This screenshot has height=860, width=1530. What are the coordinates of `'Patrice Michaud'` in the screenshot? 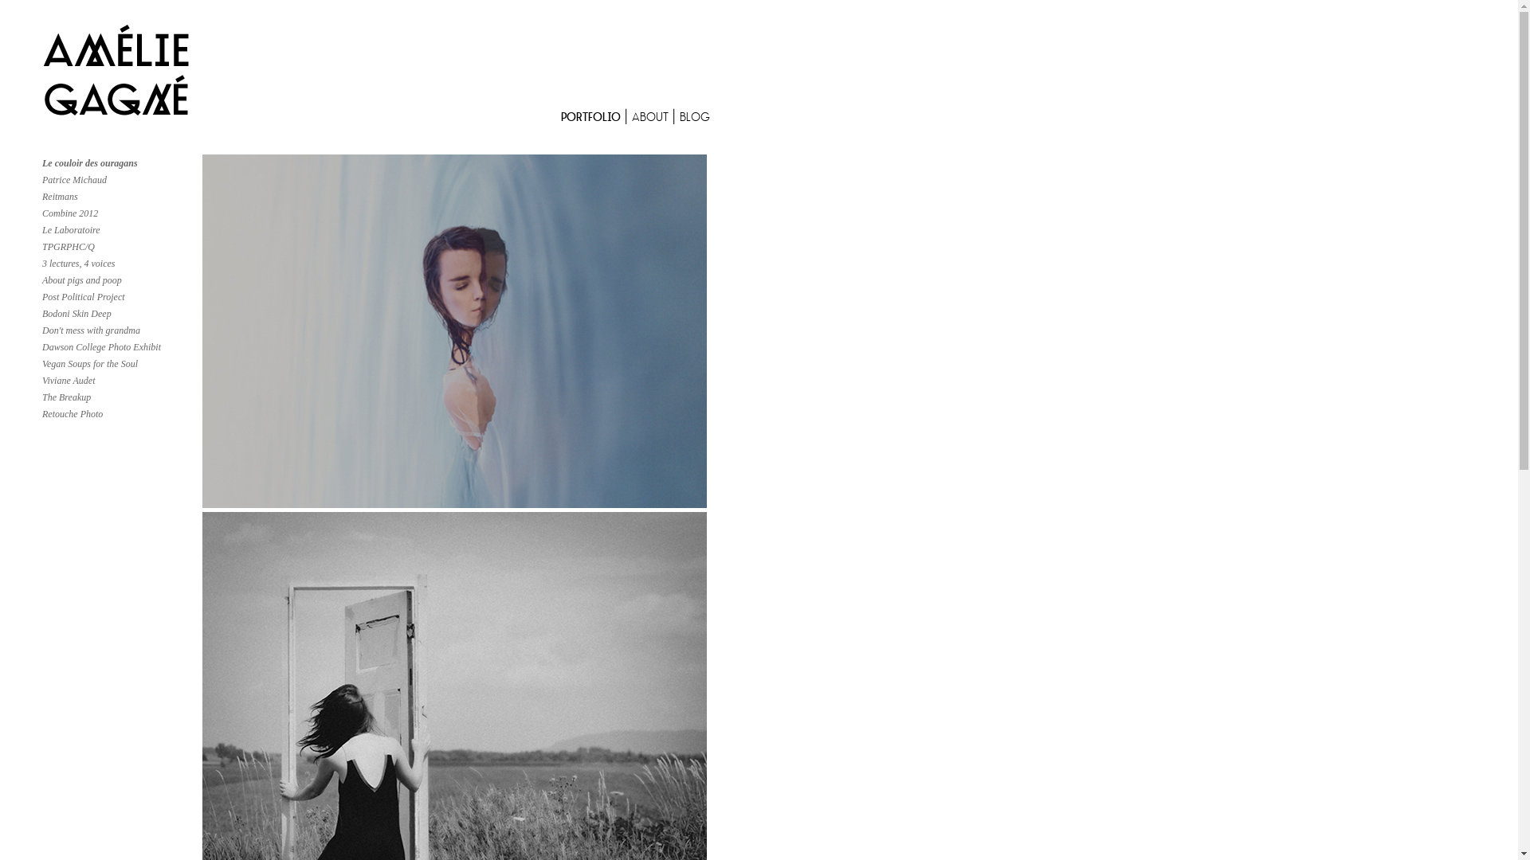 It's located at (73, 179).